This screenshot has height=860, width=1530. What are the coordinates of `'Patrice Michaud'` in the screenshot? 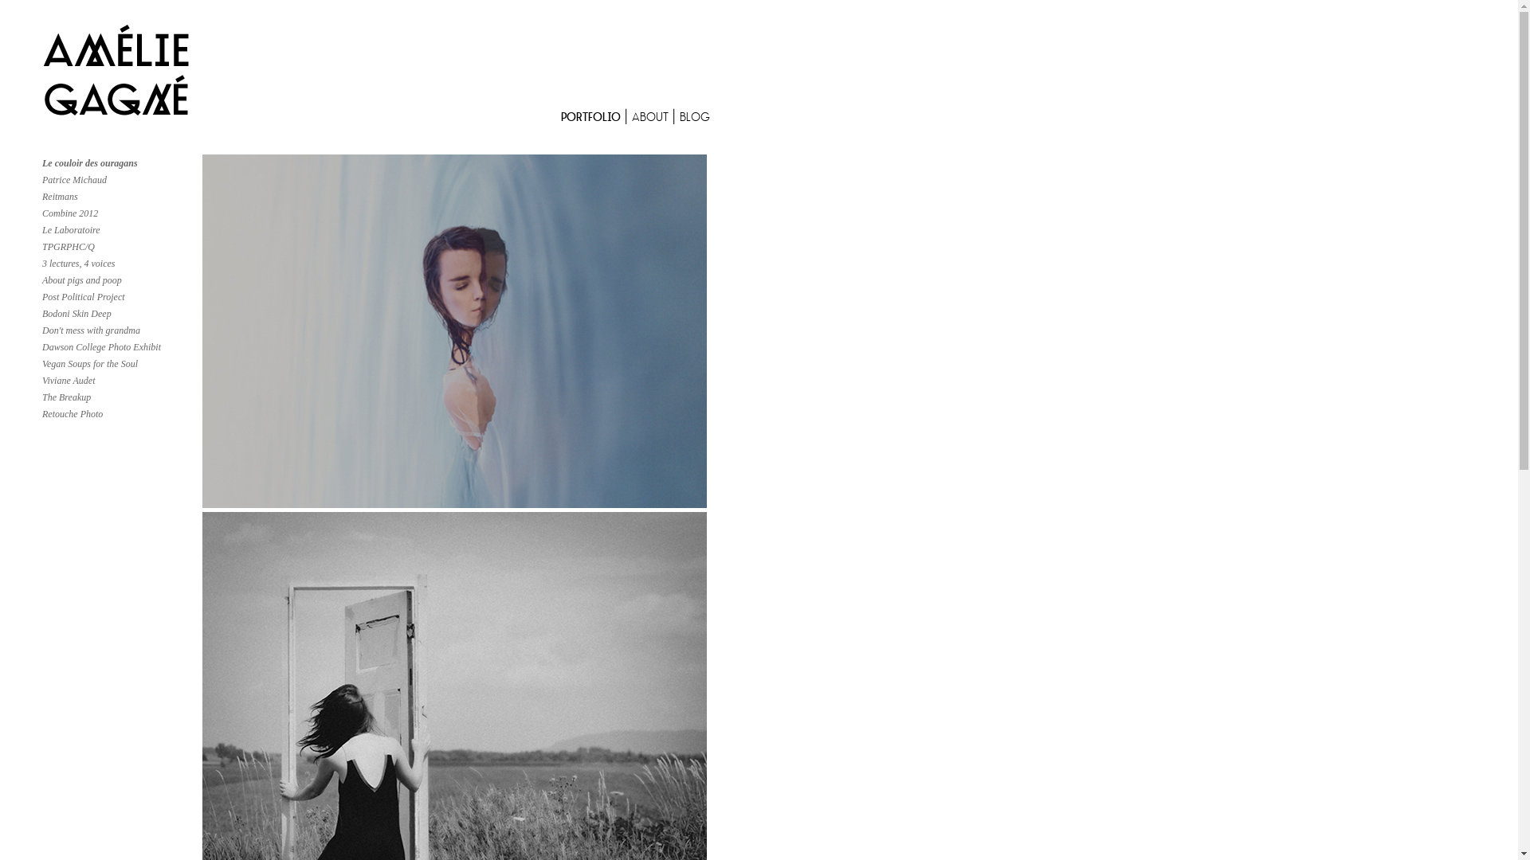 It's located at (73, 179).